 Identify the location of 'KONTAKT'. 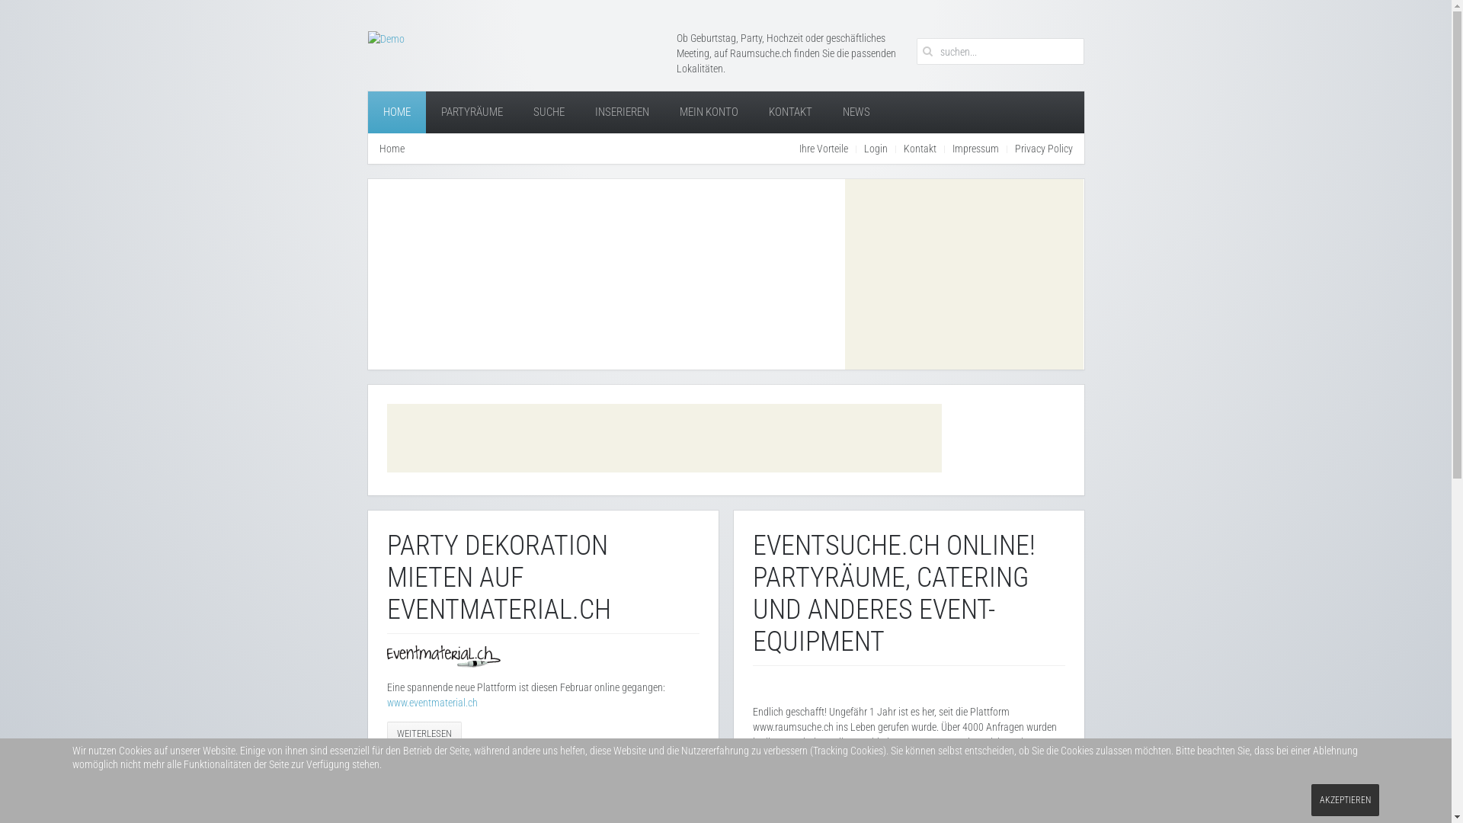
(753, 111).